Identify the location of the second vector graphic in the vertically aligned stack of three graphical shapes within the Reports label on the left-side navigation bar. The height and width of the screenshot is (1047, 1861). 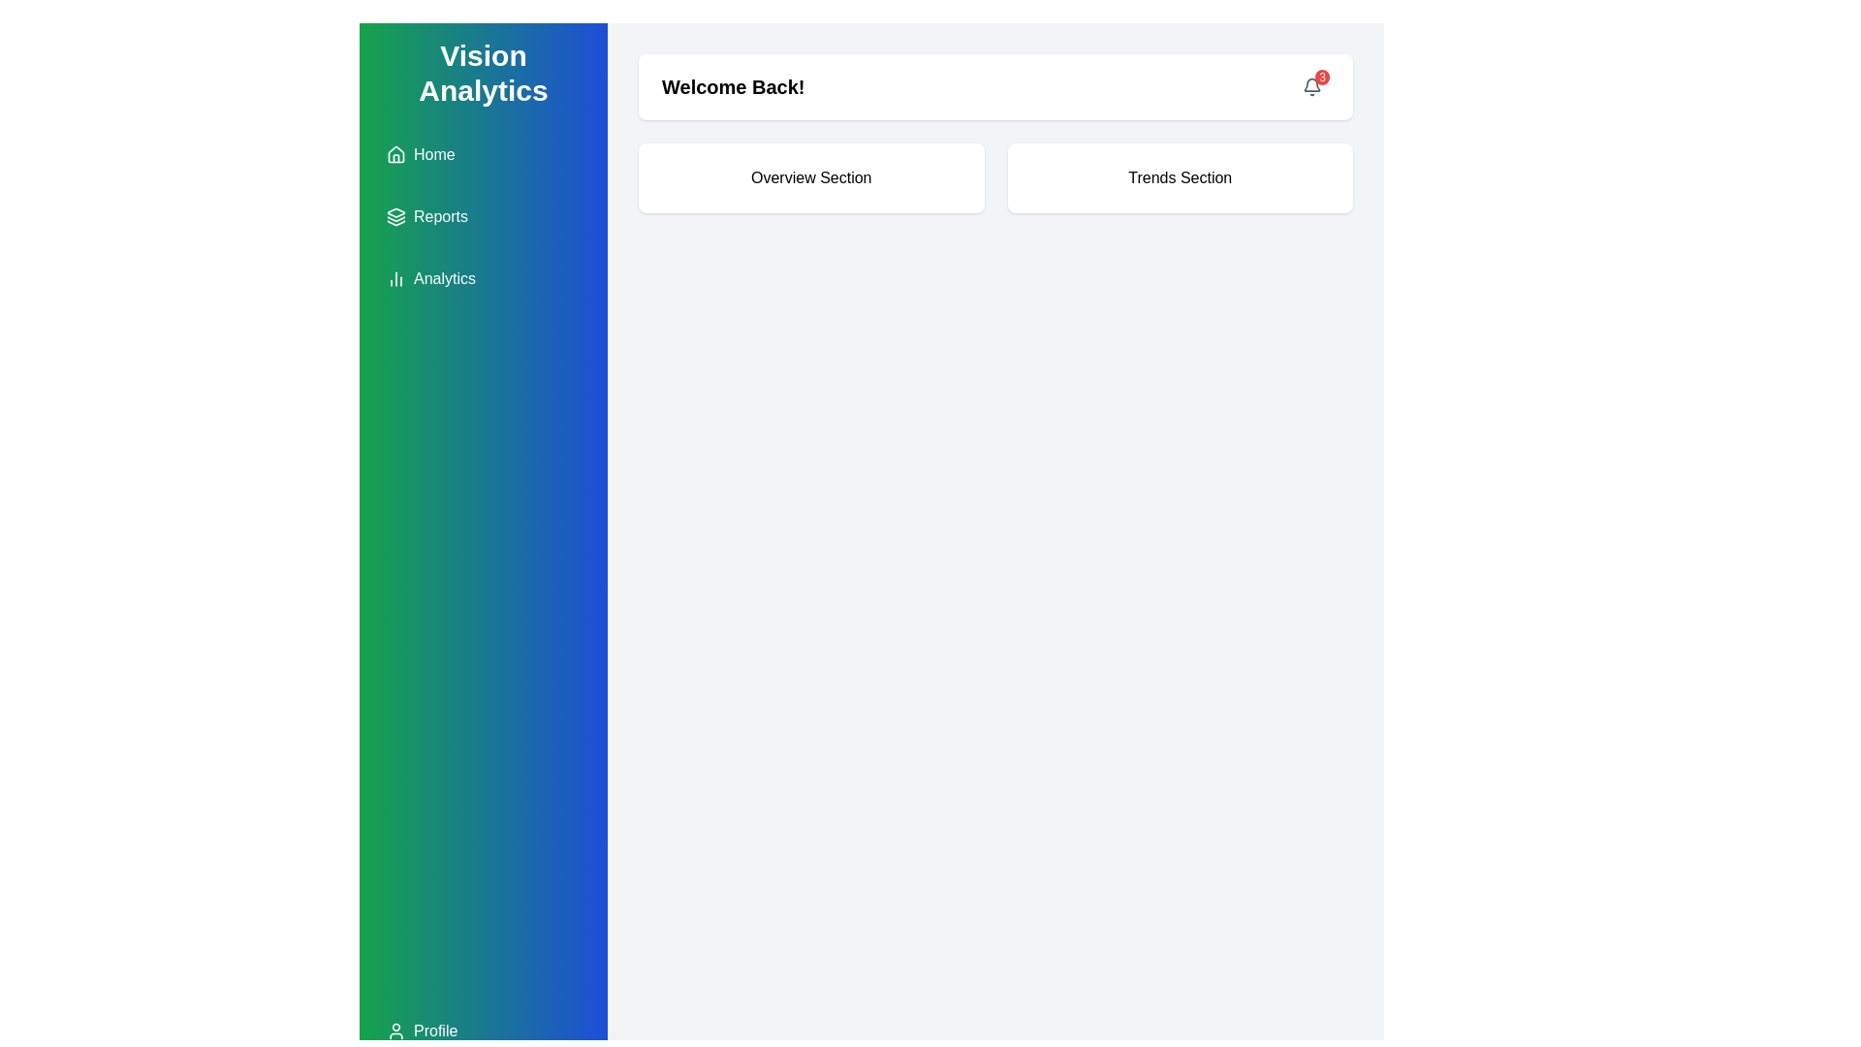
(394, 218).